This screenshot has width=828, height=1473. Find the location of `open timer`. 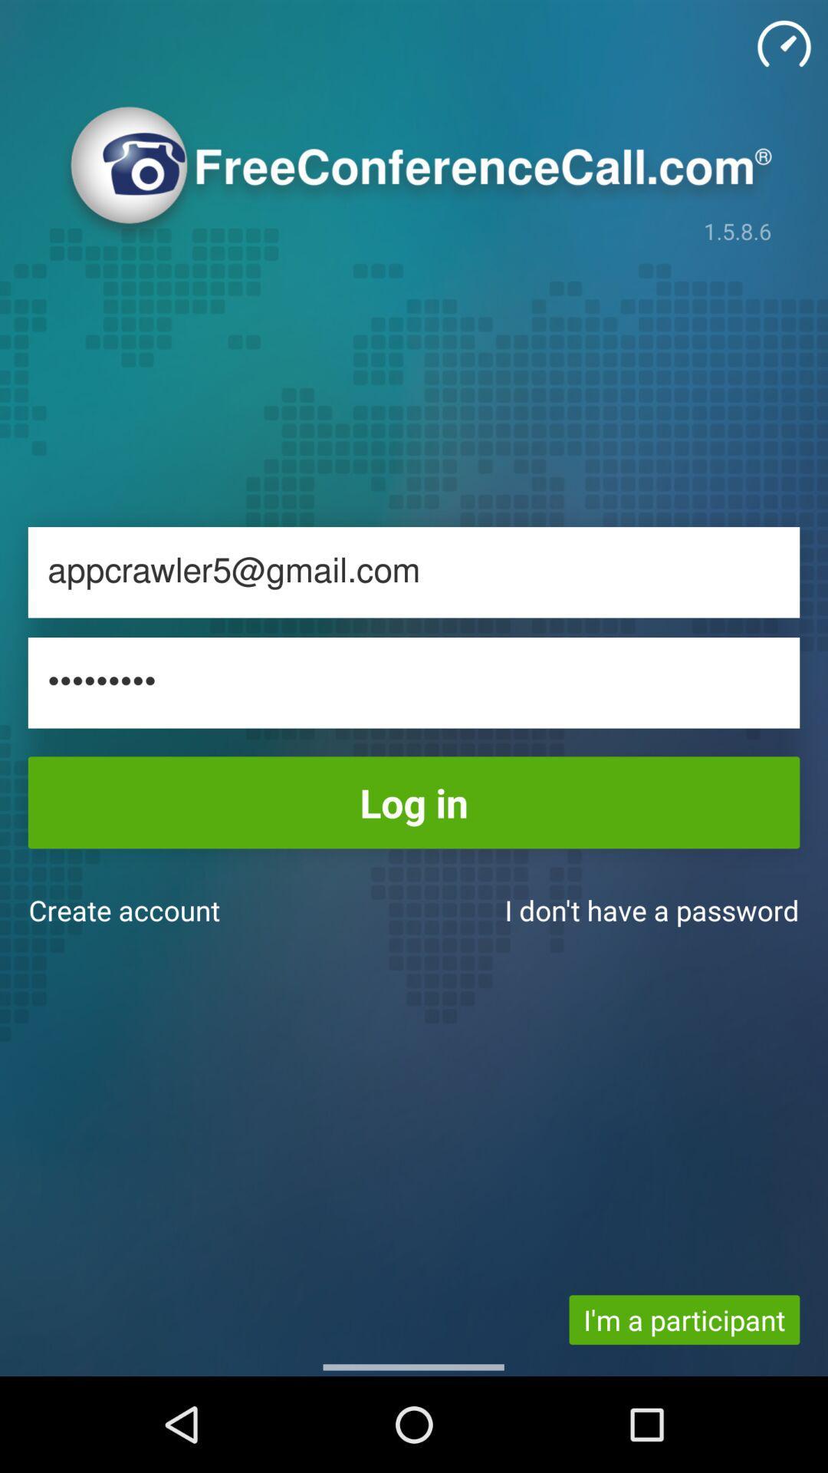

open timer is located at coordinates (784, 44).